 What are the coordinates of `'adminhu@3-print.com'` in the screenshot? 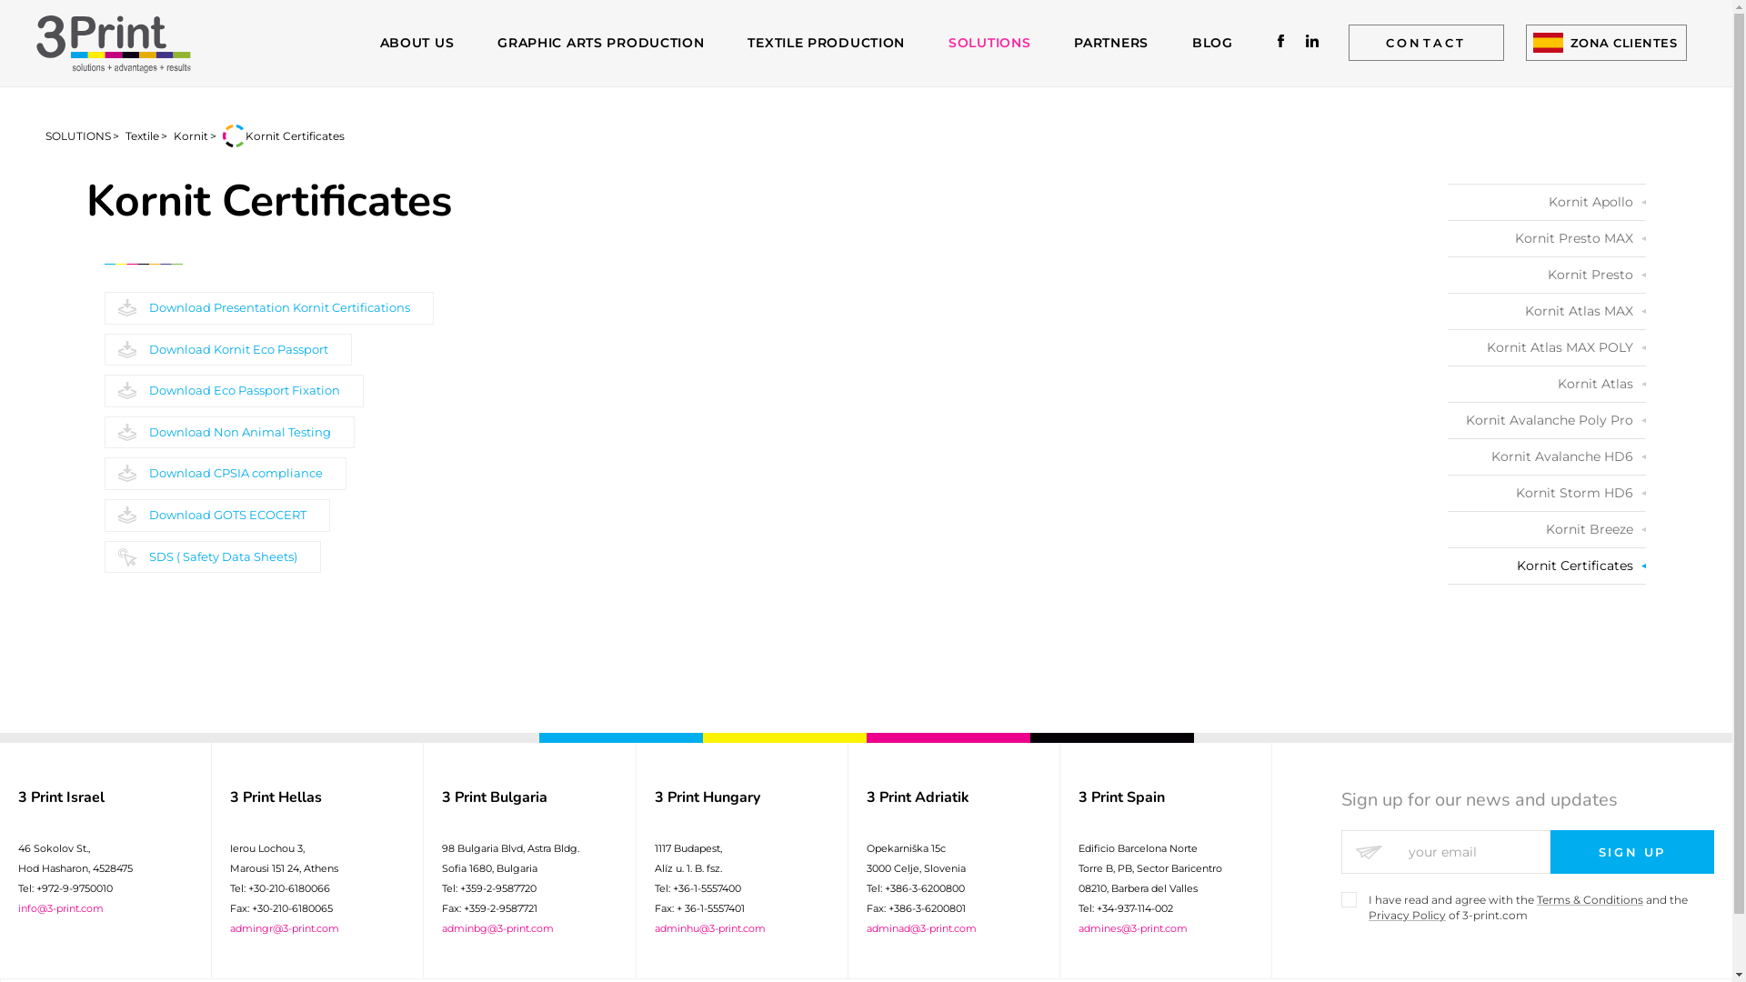 It's located at (709, 928).